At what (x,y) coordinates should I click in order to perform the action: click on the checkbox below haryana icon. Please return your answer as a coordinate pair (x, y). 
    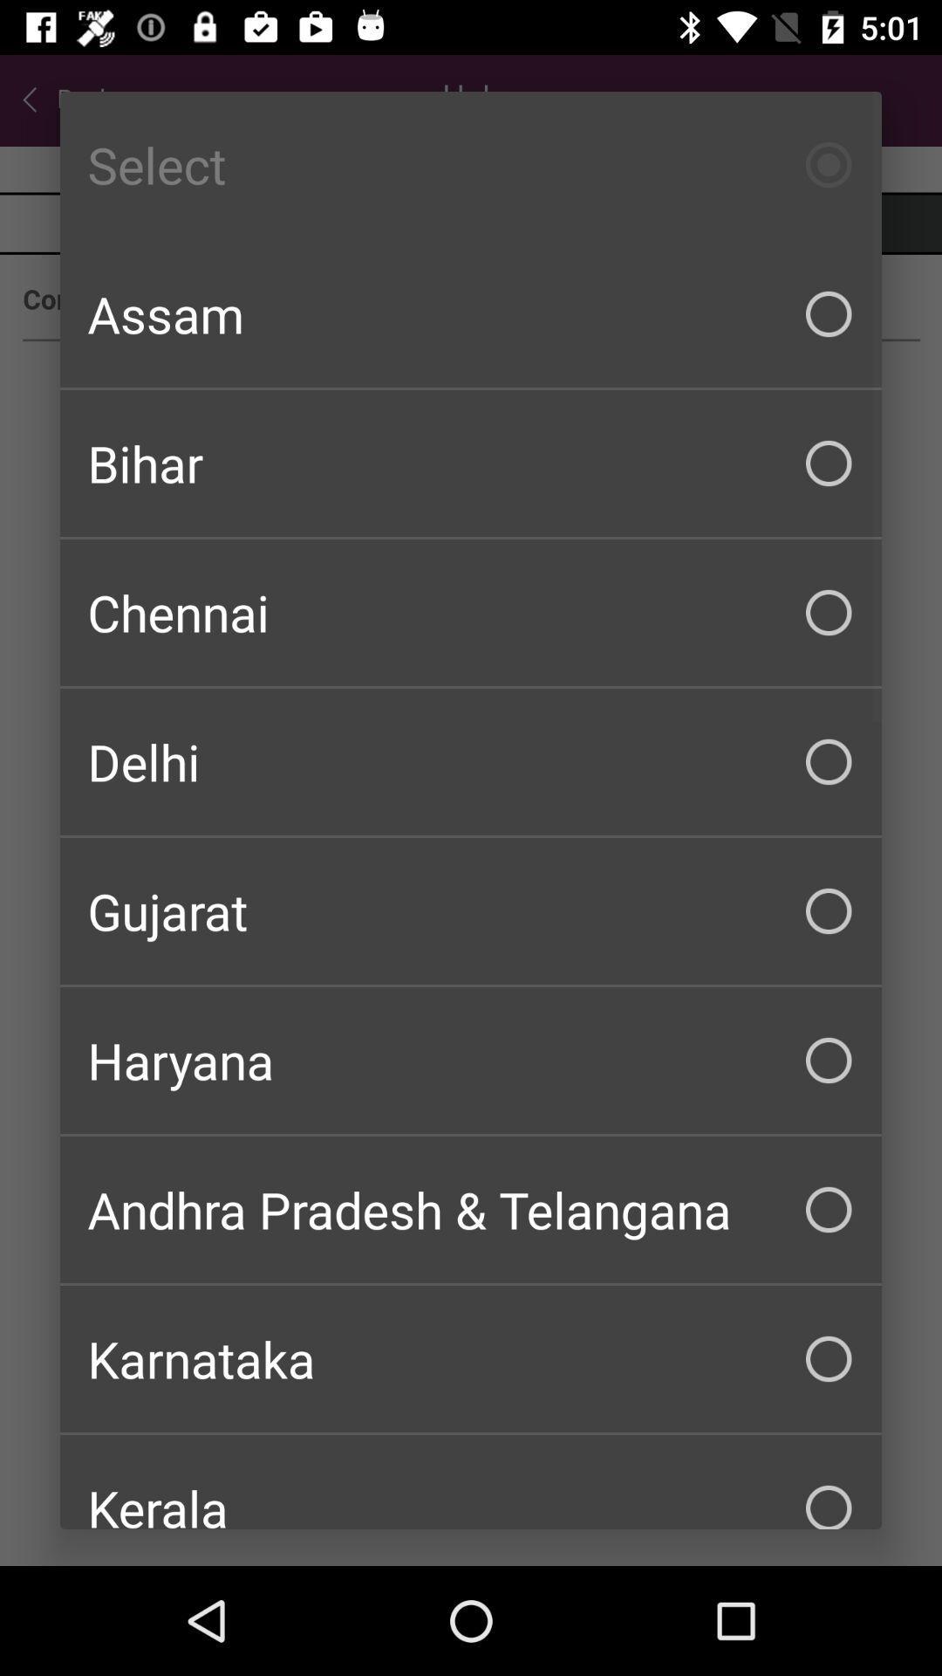
    Looking at the image, I should click on (471, 1209).